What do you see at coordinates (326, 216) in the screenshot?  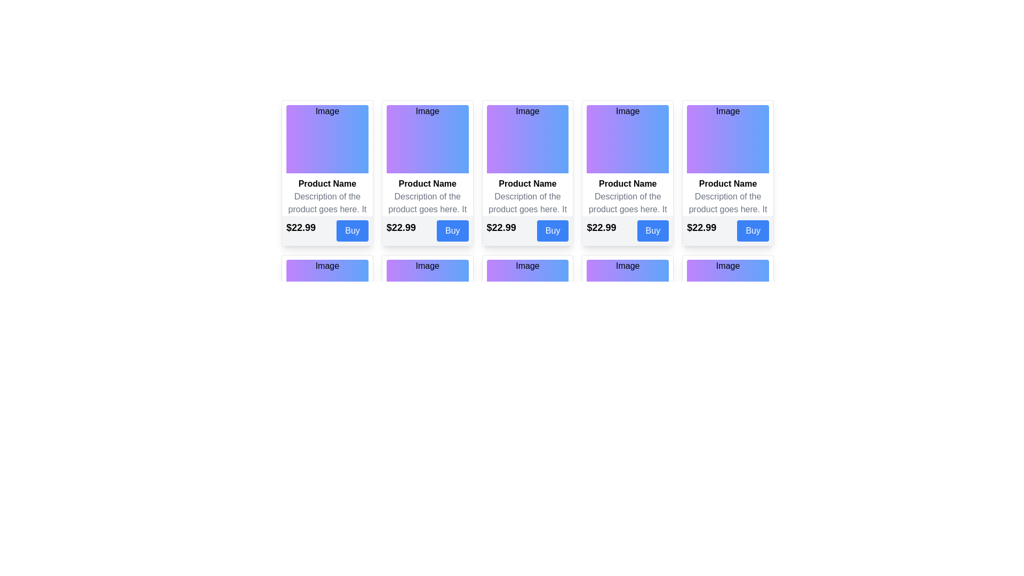 I see `the textual block containing the product description, which is located beneath the heading 'Product Name' and above the price section in the first product card` at bounding box center [326, 216].